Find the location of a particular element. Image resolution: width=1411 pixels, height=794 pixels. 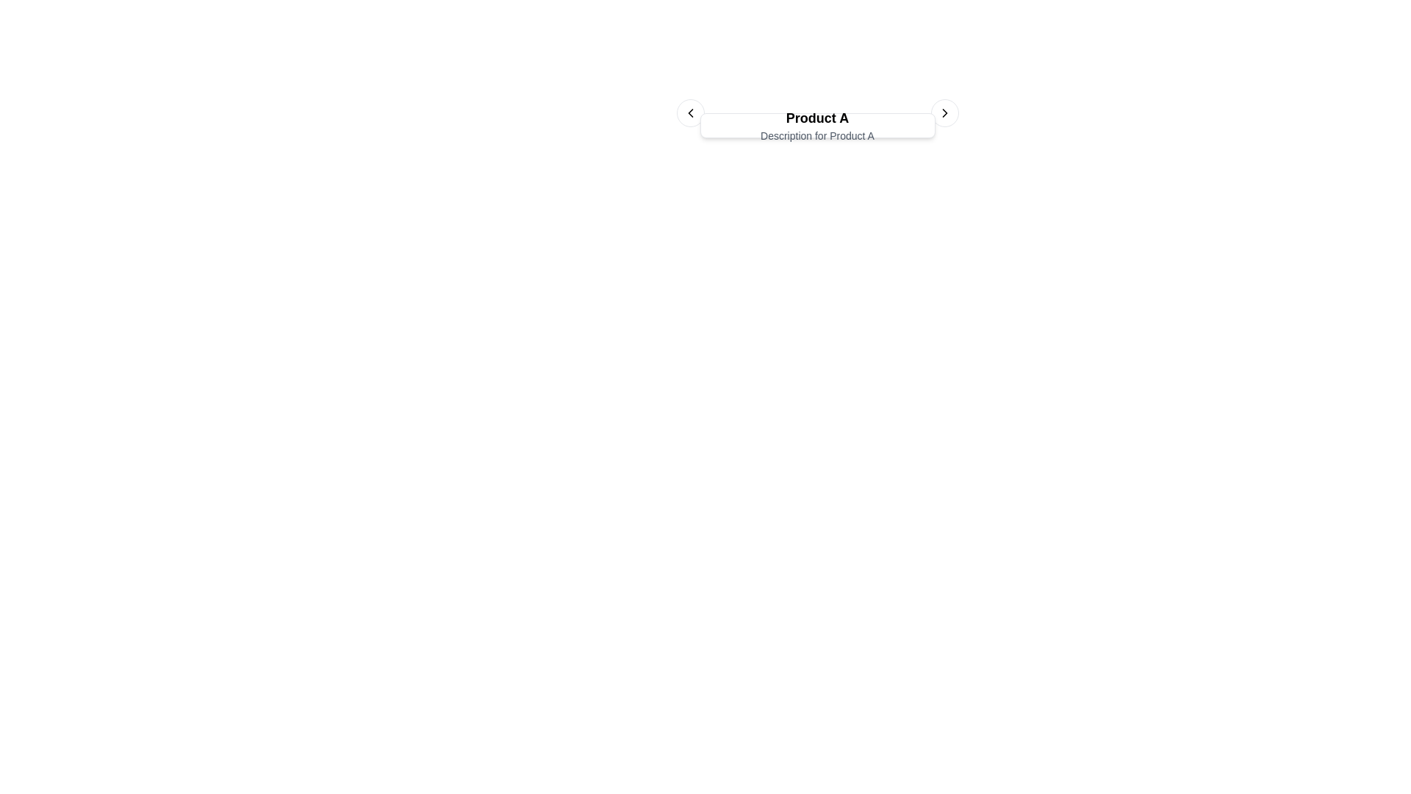

the right-facing chevron icon button within the card for 'Product A' is located at coordinates (944, 112).